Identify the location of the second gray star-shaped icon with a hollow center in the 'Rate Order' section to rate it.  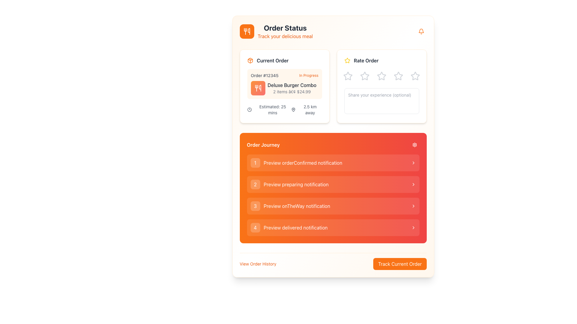
(365, 76).